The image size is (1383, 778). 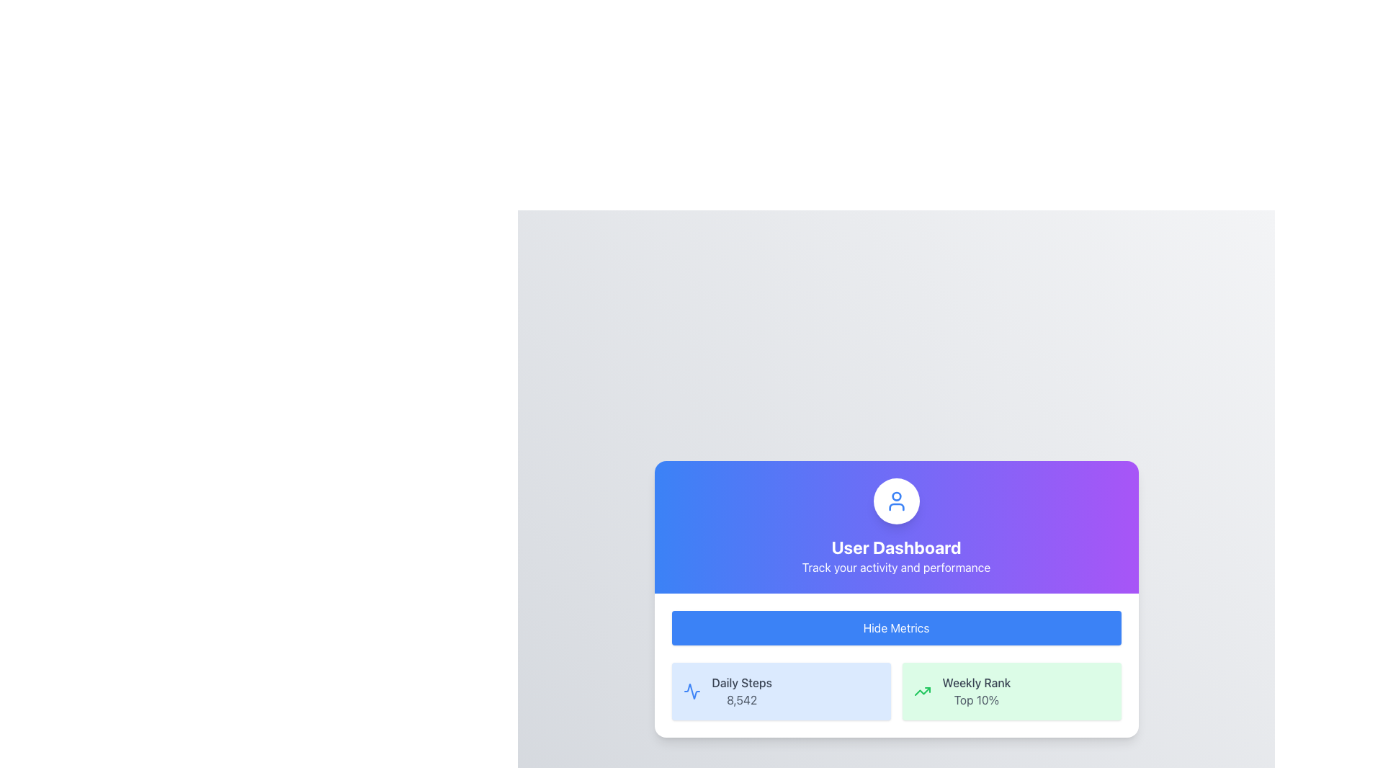 I want to click on the text element displaying 'Top 10%' within the pale green card located below the 'Weekly Rank' label, so click(x=976, y=699).